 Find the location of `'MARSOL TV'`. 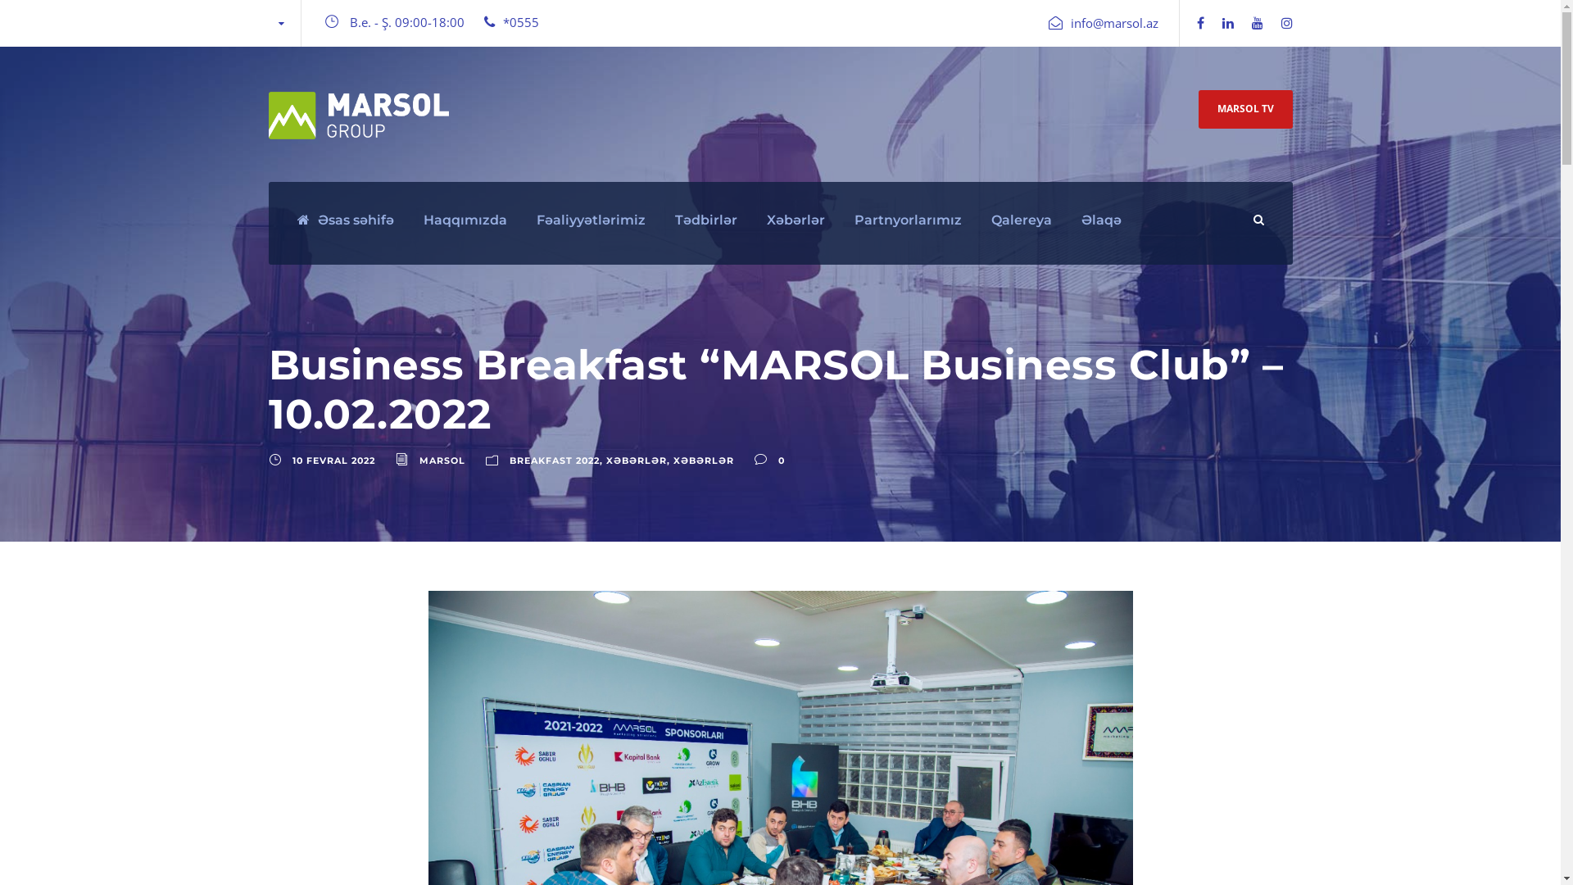

'MARSOL TV' is located at coordinates (1198, 108).